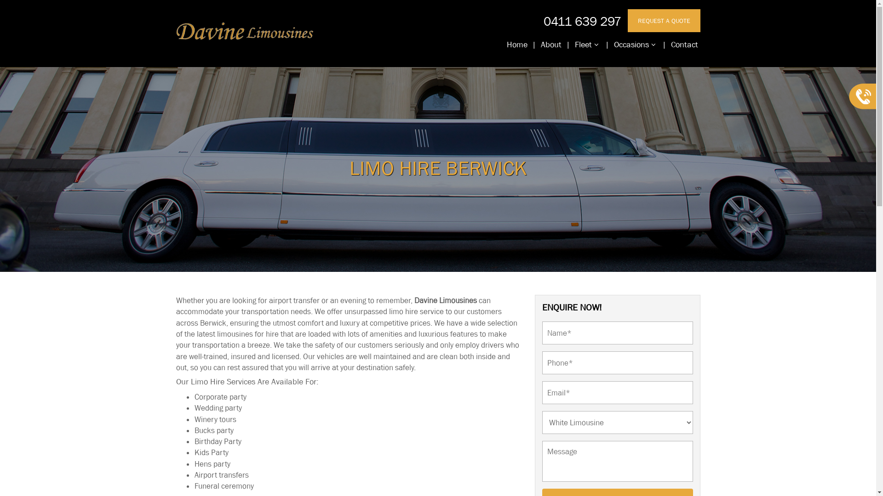  What do you see at coordinates (684, 45) in the screenshot?
I see `'Contact'` at bounding box center [684, 45].